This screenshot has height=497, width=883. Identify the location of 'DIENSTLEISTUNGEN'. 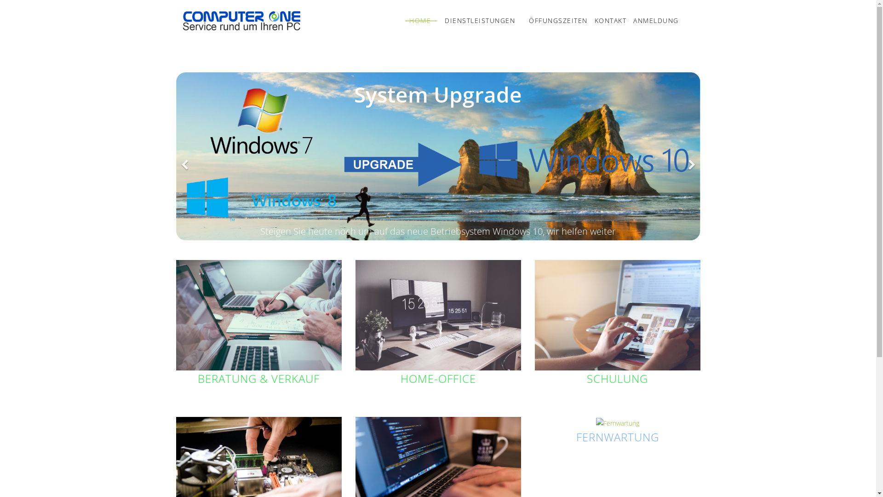
(437, 21).